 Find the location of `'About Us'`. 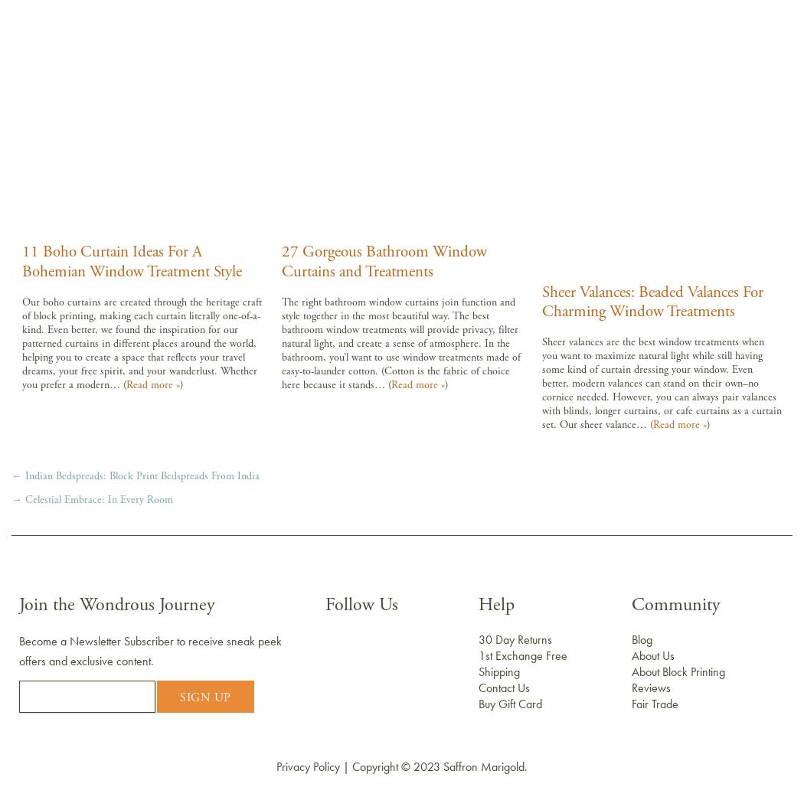

'About Us' is located at coordinates (653, 655).